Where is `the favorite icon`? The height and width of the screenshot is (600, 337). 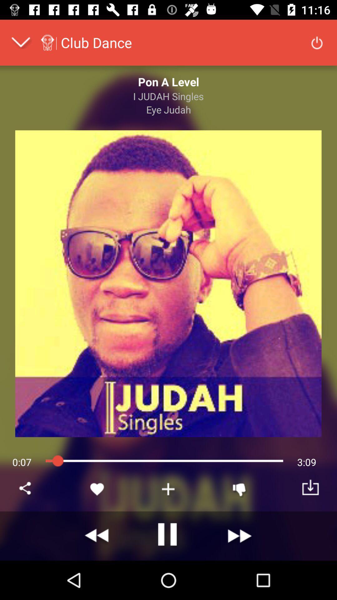
the favorite icon is located at coordinates (97, 489).